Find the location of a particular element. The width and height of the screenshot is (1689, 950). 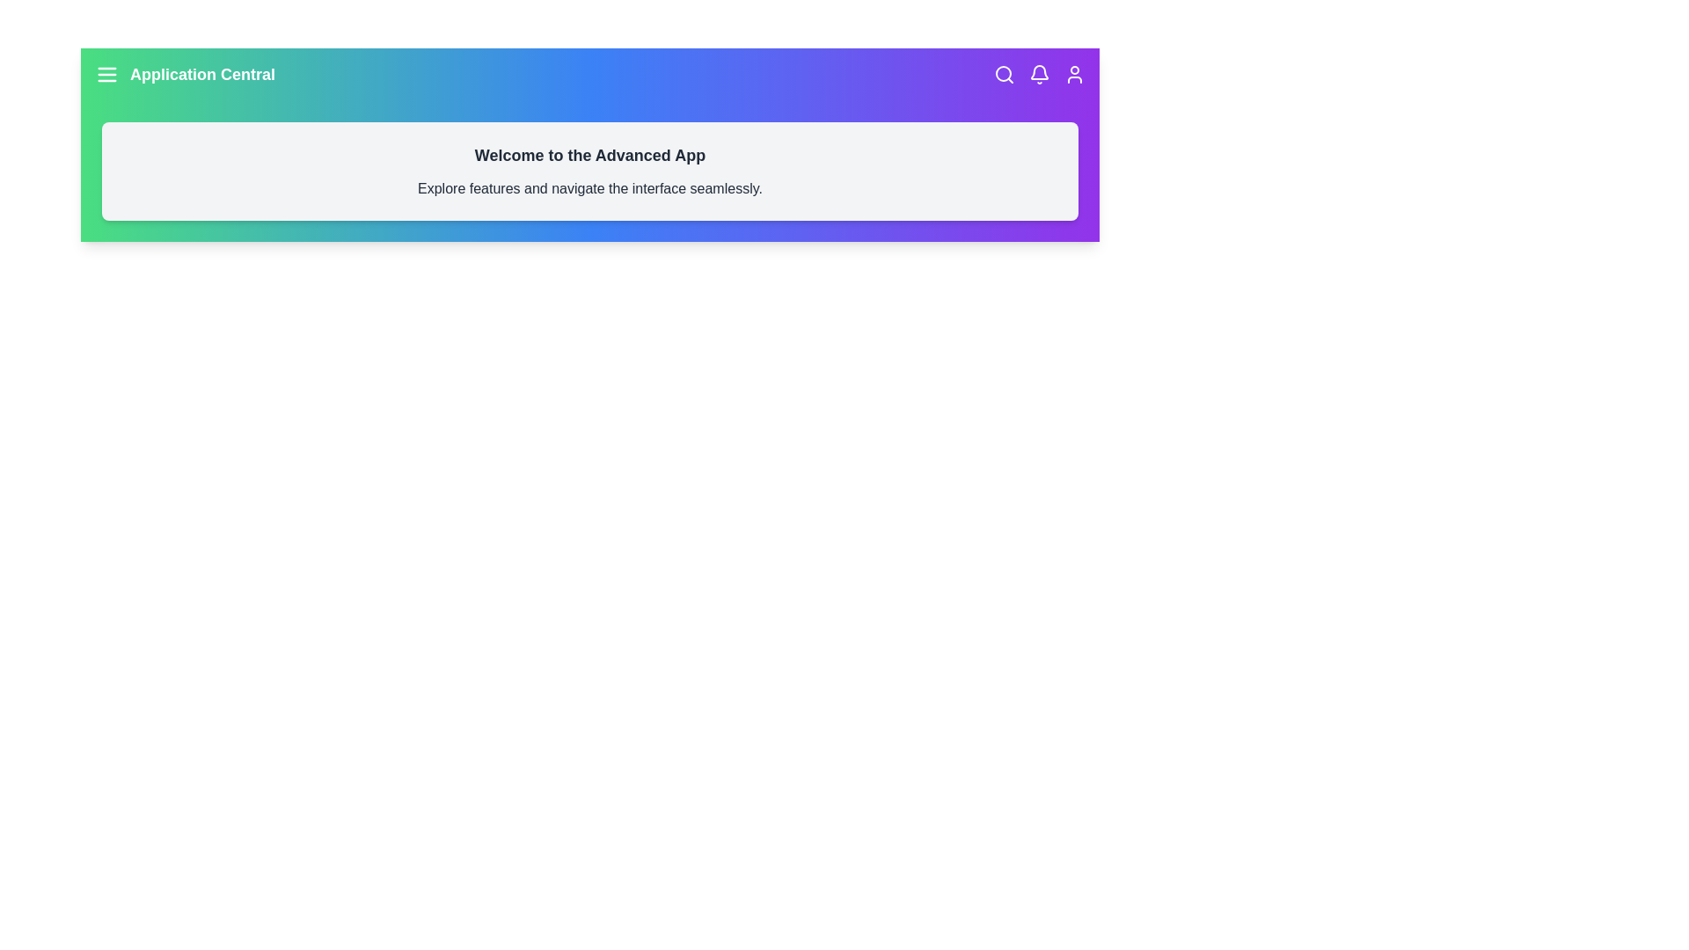

the search icon to activate the search functionality is located at coordinates (1005, 73).